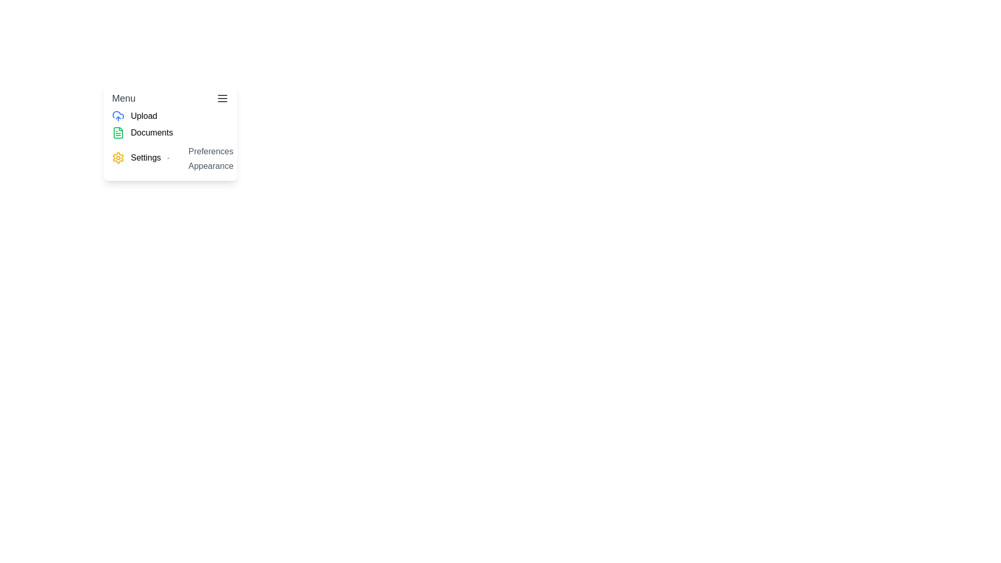 This screenshot has height=563, width=1001. I want to click on the Menu item group located beneath the 'Menu' header and above other content, so click(170, 141).